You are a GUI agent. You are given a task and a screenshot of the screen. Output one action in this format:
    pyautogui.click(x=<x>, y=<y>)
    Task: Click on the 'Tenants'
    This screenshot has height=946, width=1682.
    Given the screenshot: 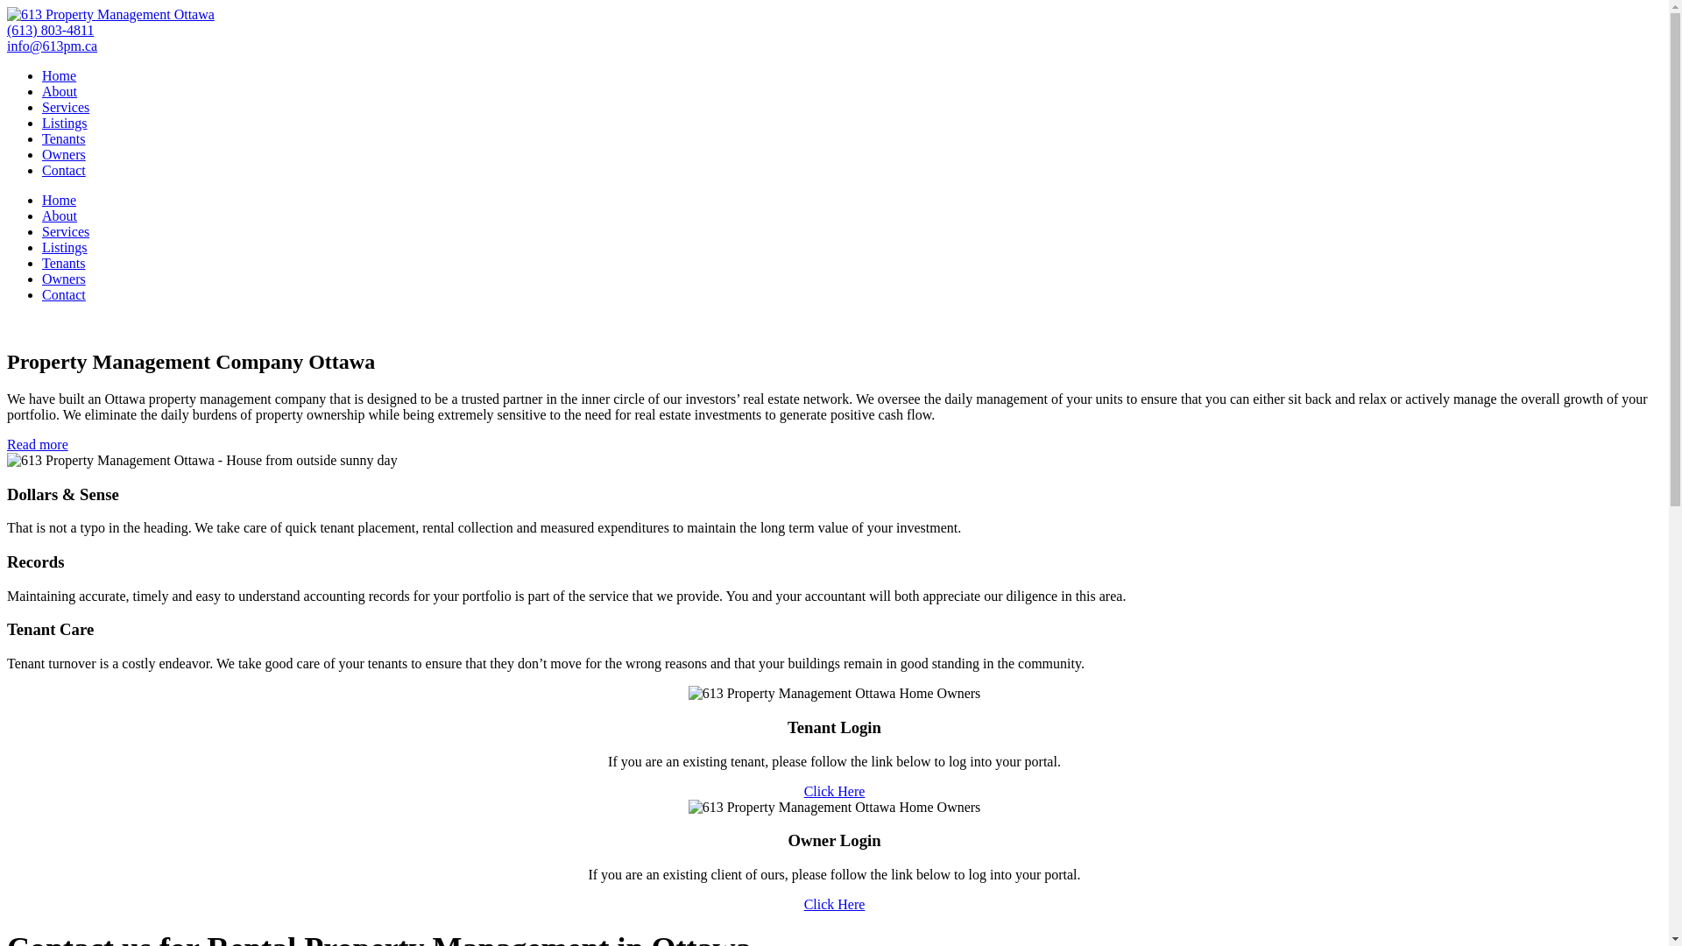 What is the action you would take?
    pyautogui.click(x=63, y=138)
    